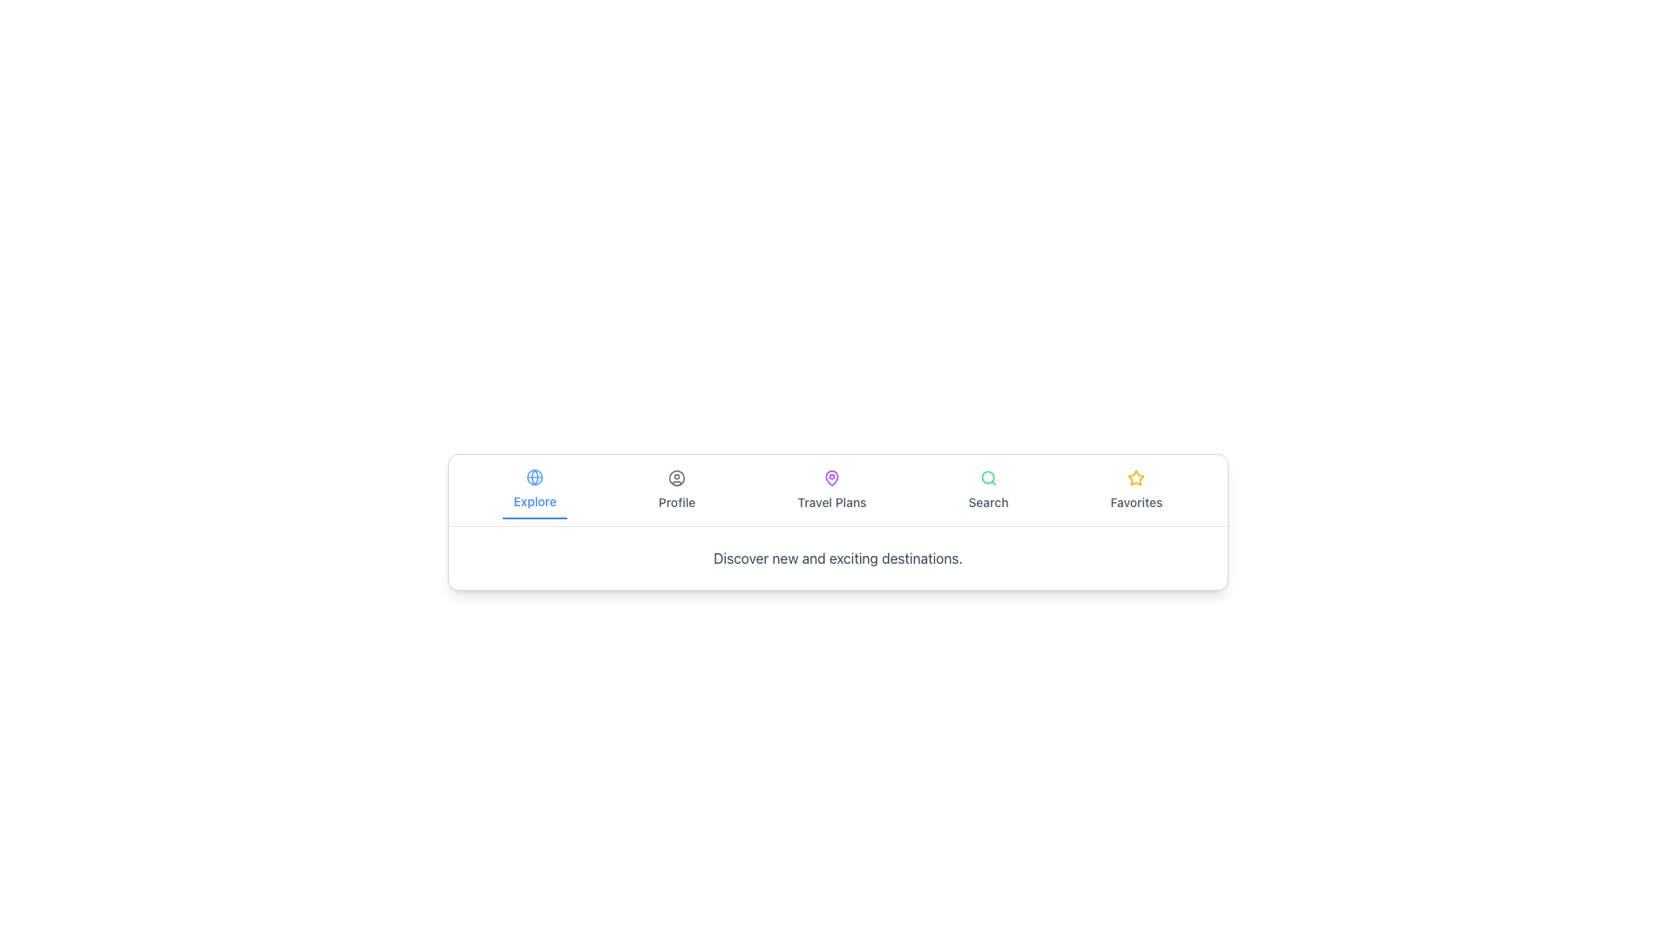 The width and height of the screenshot is (1673, 941). I want to click on the 'Explore' button located in the navigation bar, which contains the Text Label providing a description for it, so click(534, 501).